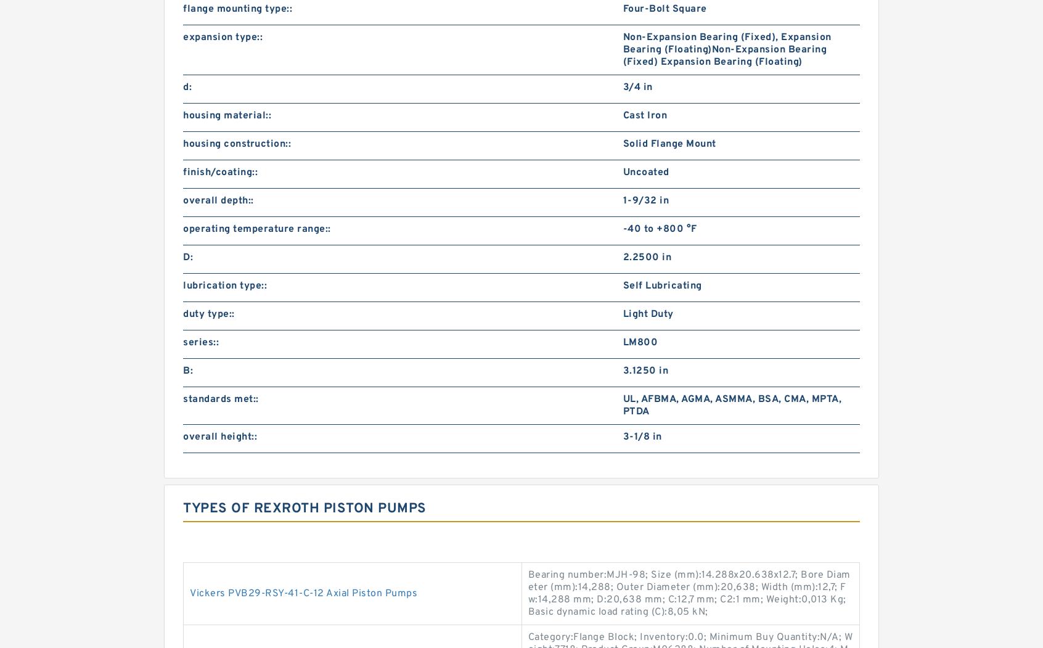 This screenshot has height=648, width=1043. I want to click on 'housing material::', so click(227, 116).